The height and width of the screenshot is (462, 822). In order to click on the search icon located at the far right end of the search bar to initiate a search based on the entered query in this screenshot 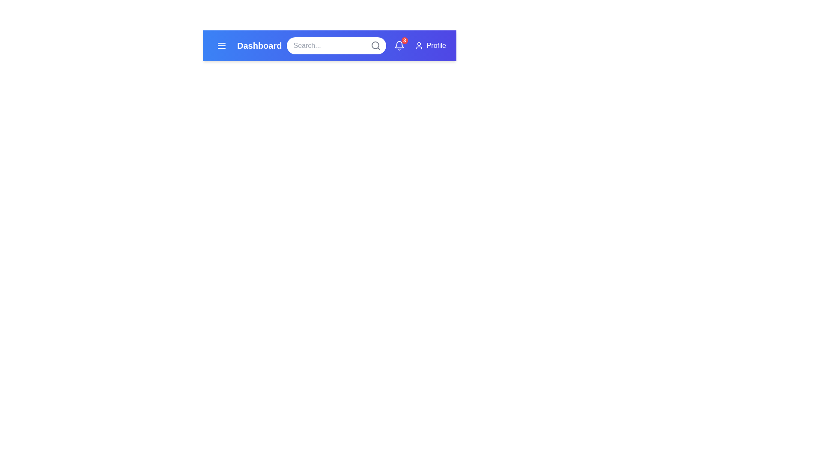, I will do `click(375, 46)`.